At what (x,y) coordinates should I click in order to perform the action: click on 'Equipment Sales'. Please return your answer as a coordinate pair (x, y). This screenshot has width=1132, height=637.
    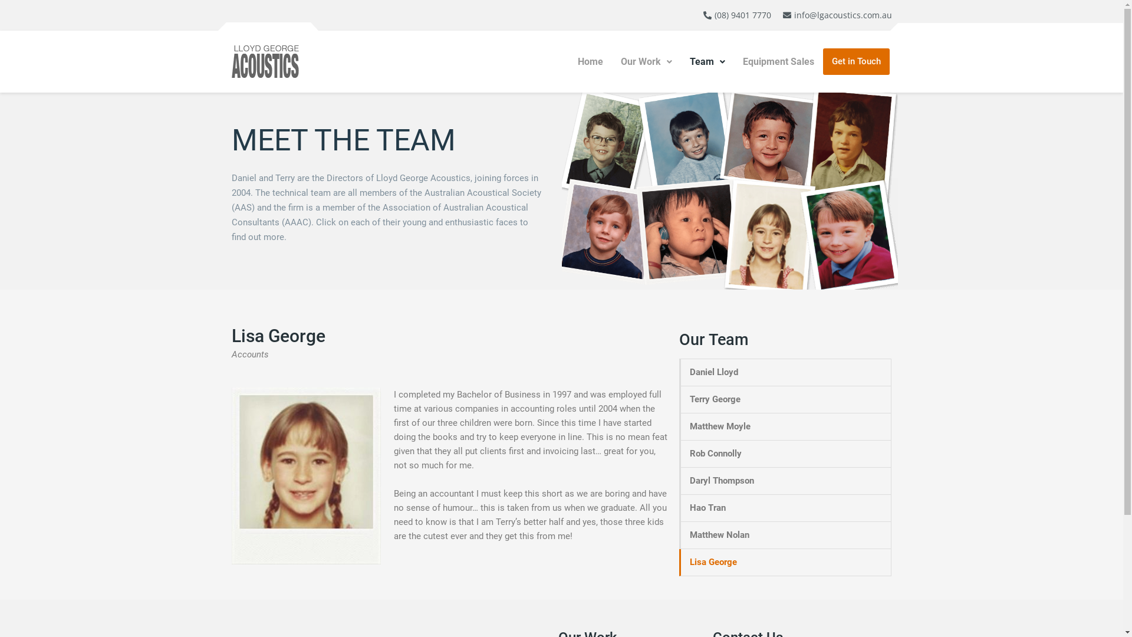
    Looking at the image, I should click on (778, 61).